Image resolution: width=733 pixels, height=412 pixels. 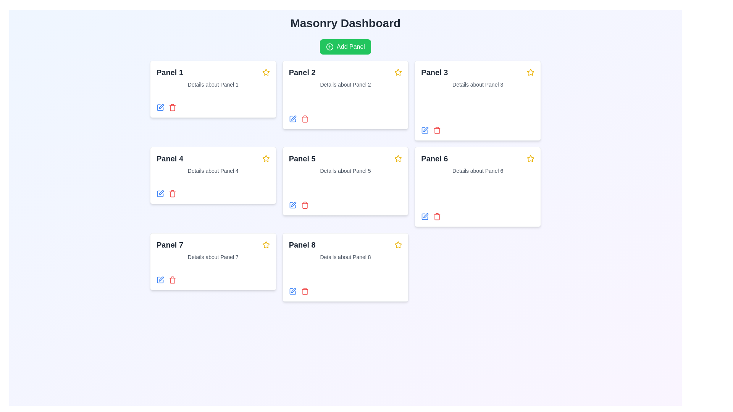 I want to click on the edit button located at the bottom-left corner of 'Panel 7', next, so click(x=160, y=280).